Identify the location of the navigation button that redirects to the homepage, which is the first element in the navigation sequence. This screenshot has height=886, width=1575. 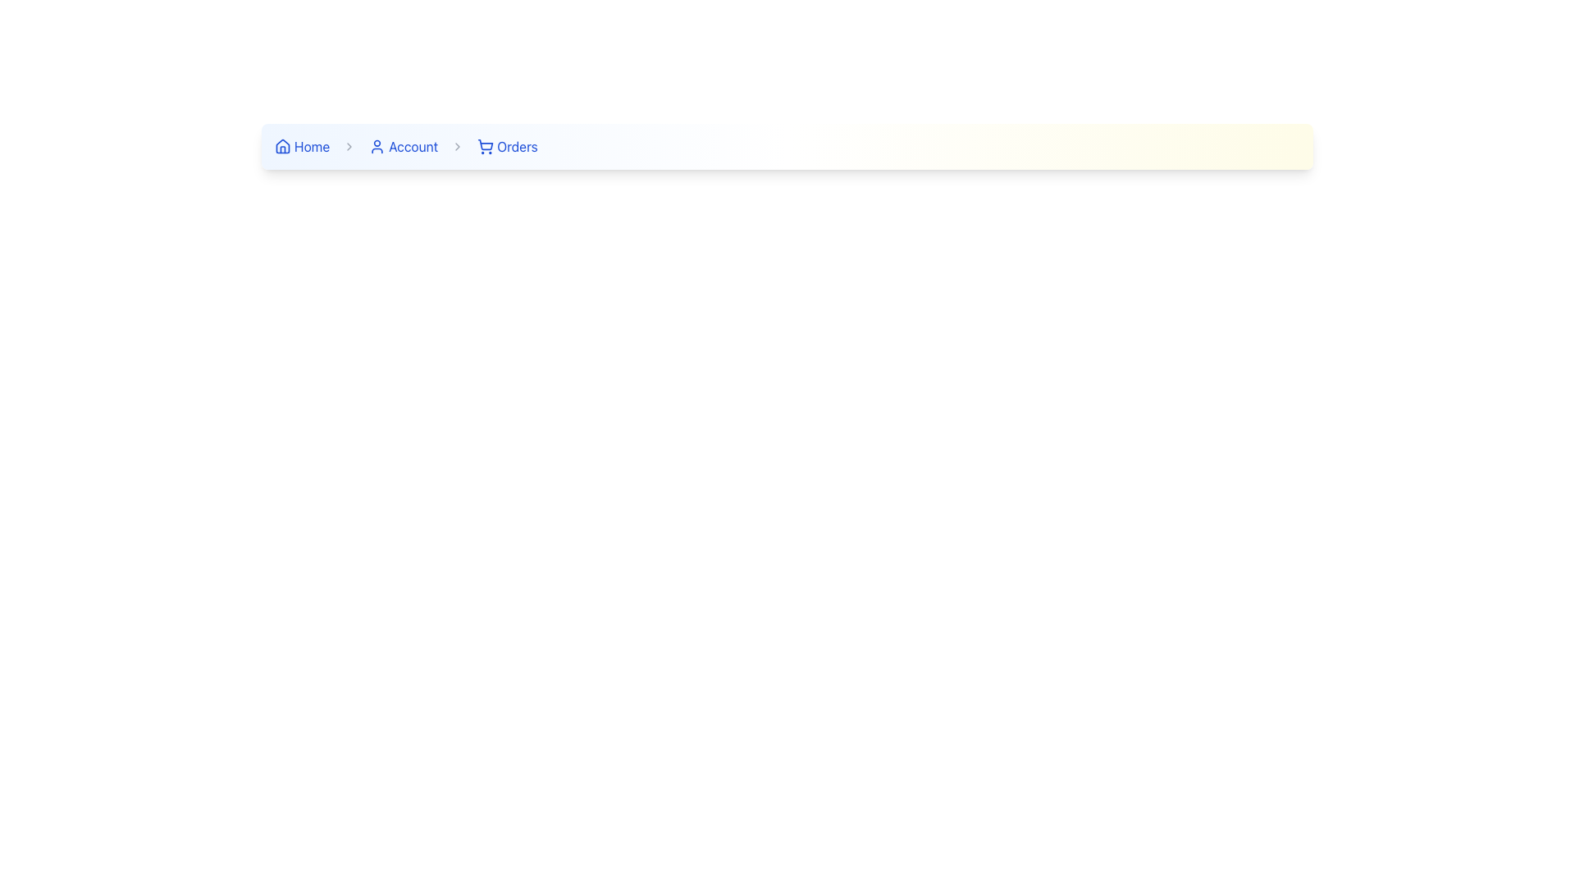
(302, 145).